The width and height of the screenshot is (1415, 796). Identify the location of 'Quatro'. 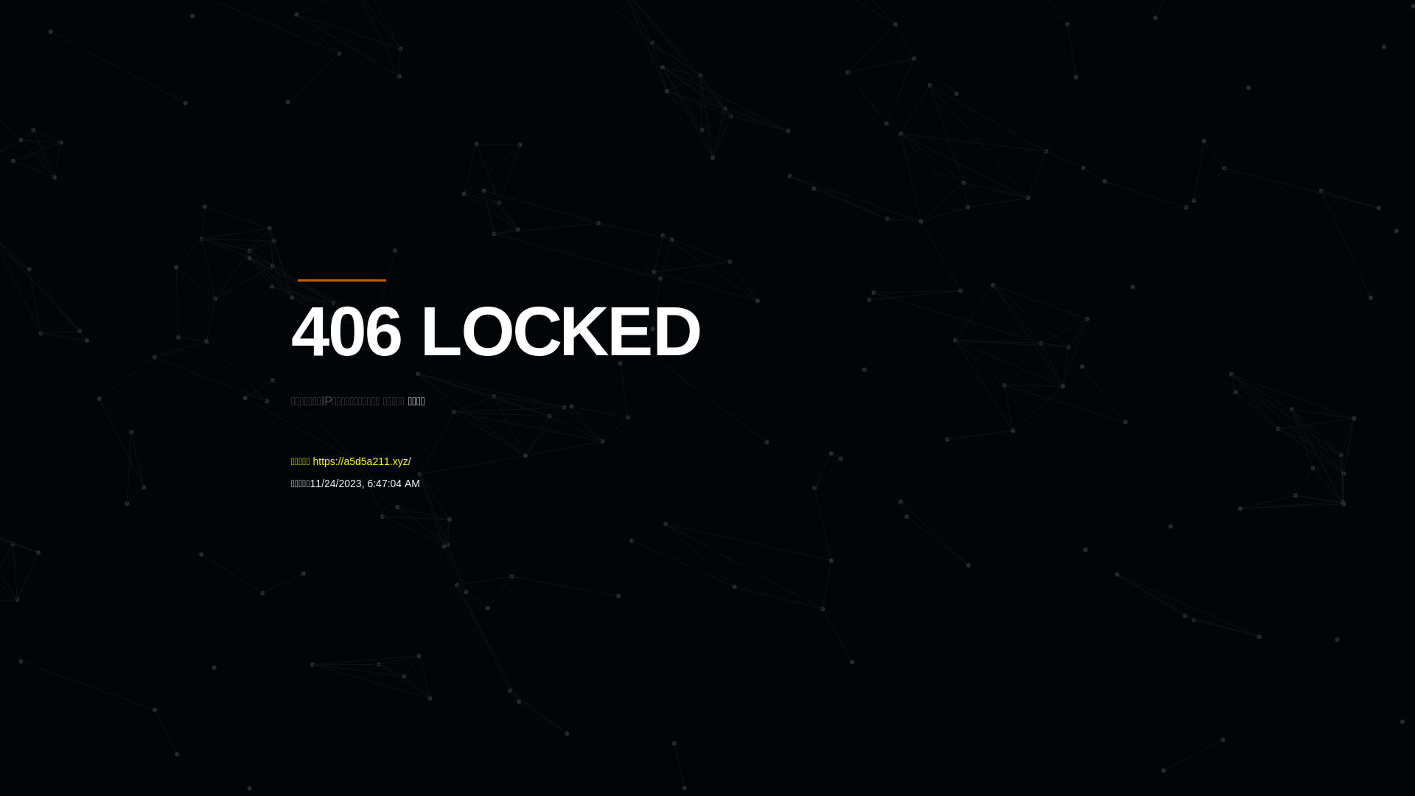
(399, 84).